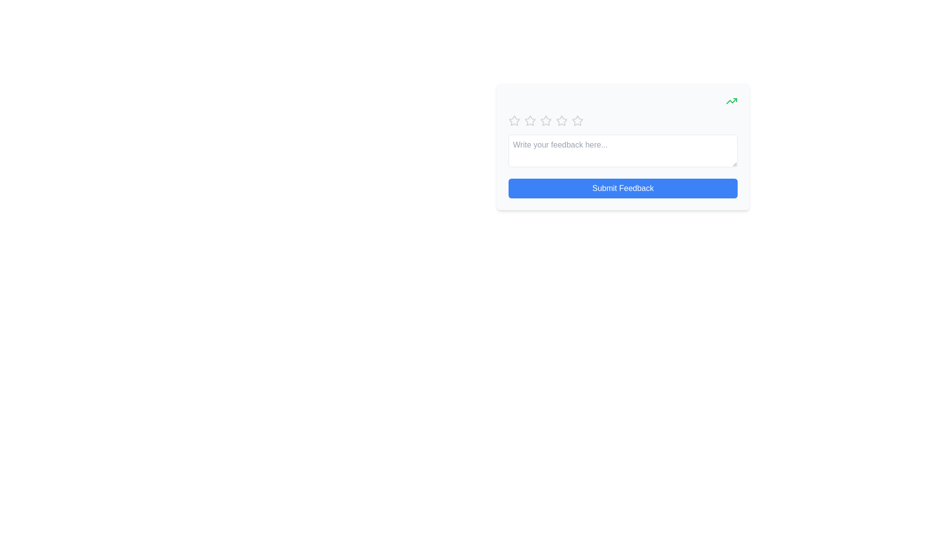 The image size is (948, 533). Describe the element at coordinates (513, 120) in the screenshot. I see `the leftmost star icon in the horizontal group of rating stars` at that location.